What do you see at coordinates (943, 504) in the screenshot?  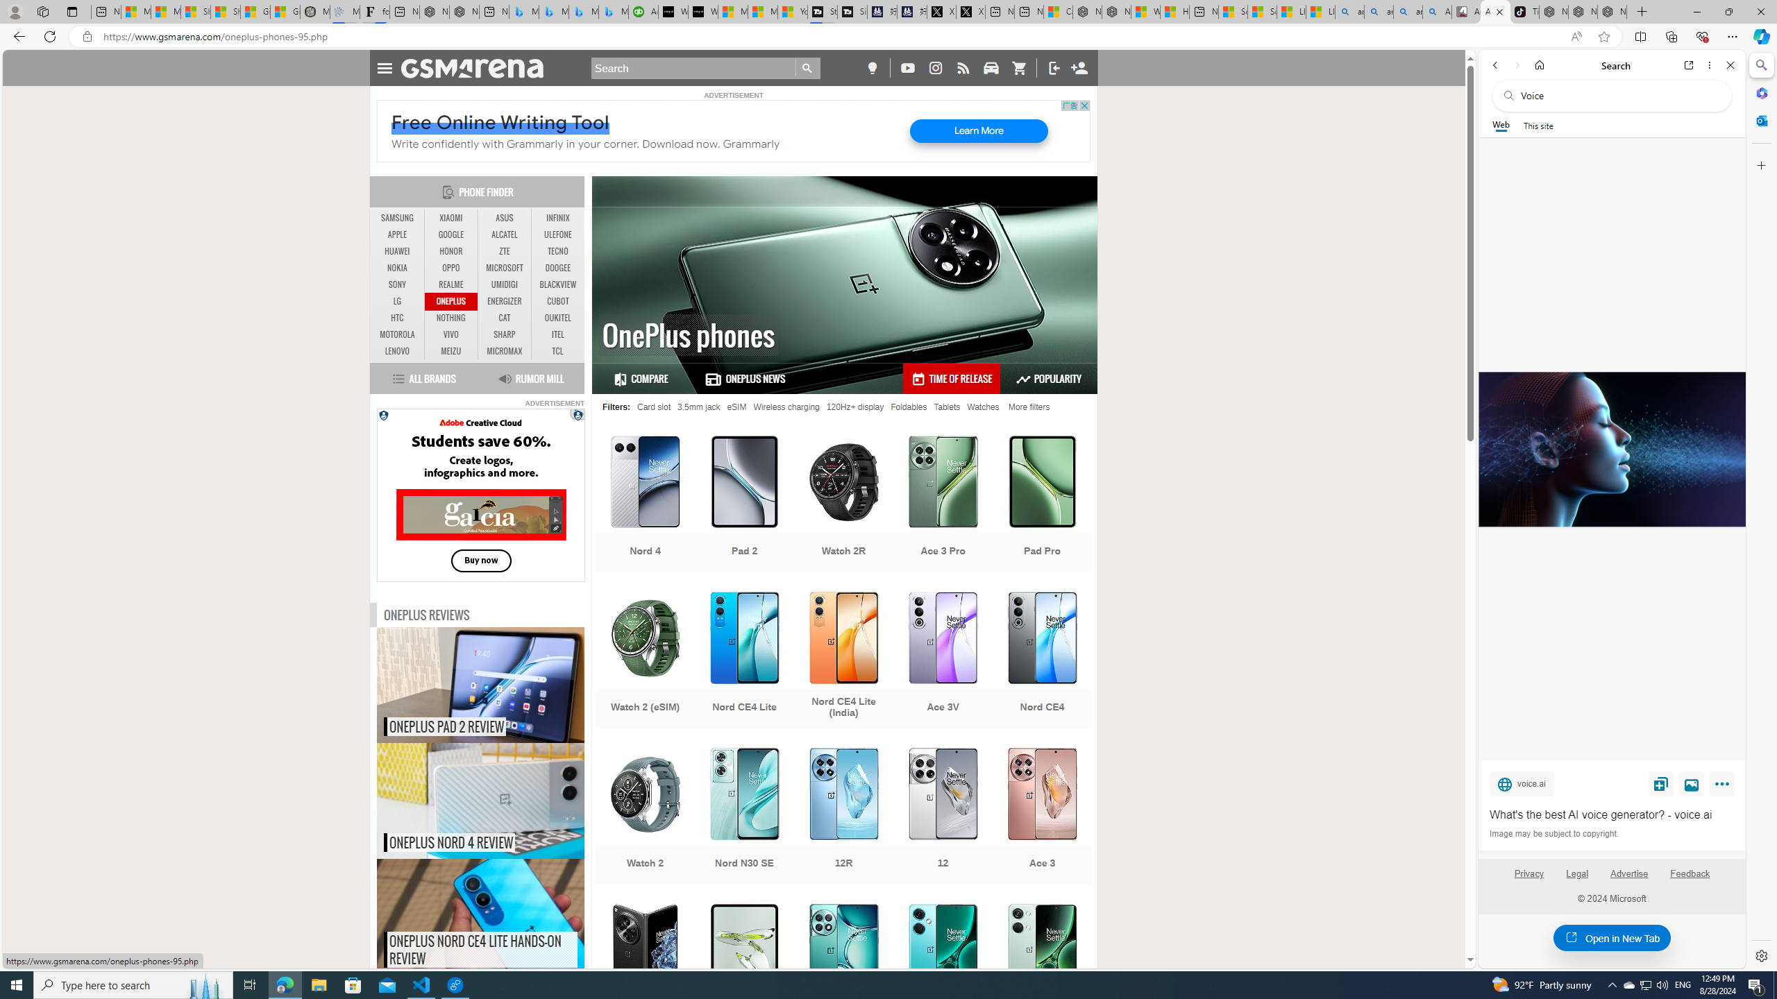 I see `'Ace 3 Pro'` at bounding box center [943, 504].